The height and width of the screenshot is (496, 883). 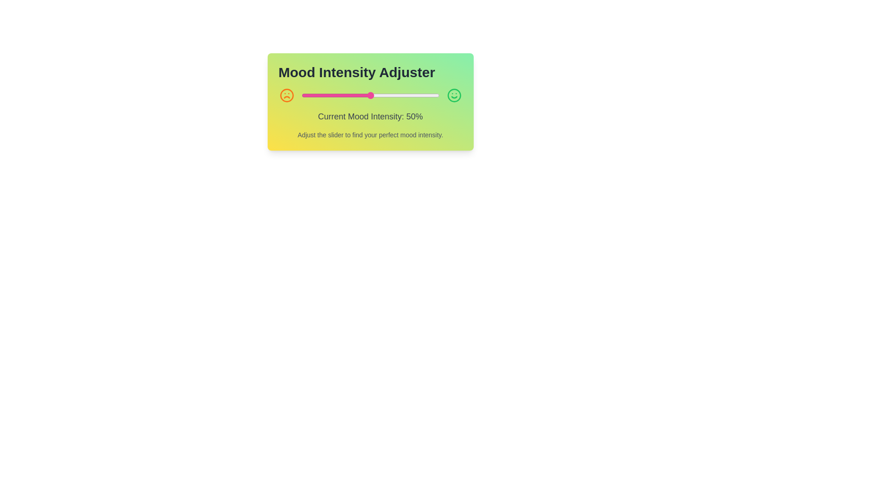 What do you see at coordinates (366, 96) in the screenshot?
I see `the mood intensity slider to 47%` at bounding box center [366, 96].